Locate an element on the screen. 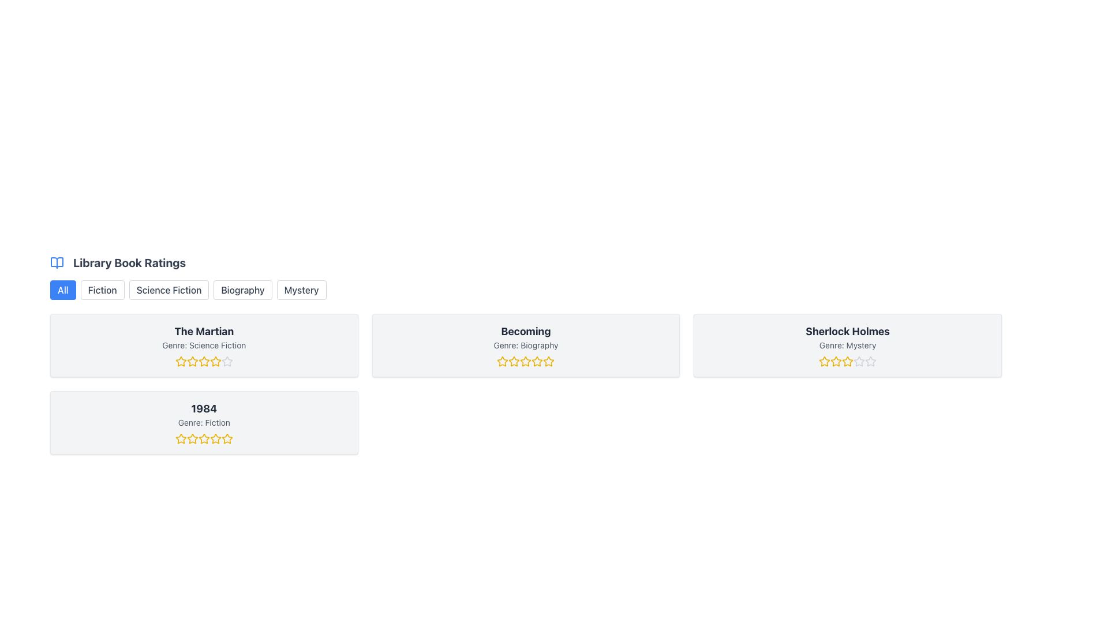 The height and width of the screenshot is (623, 1108). the second star in the rating system for the 'Sherlock Holmes' card to rate it is located at coordinates (836, 361).